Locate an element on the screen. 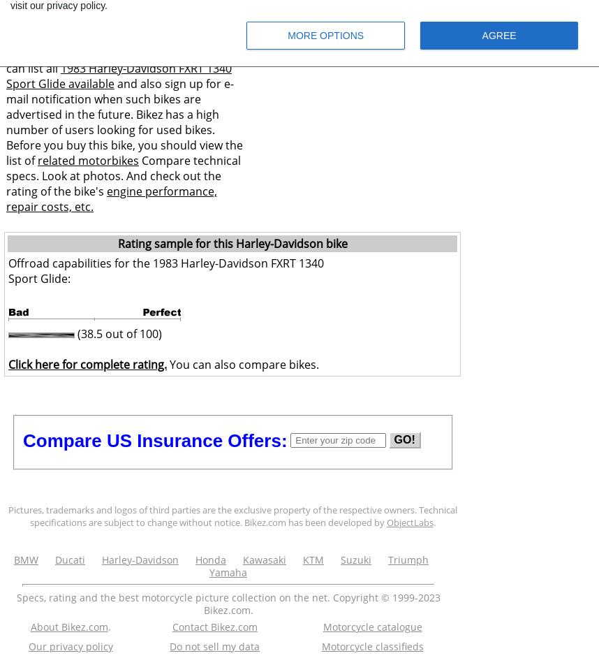 The width and height of the screenshot is (599, 665). 'About Bikez.com' is located at coordinates (68, 627).